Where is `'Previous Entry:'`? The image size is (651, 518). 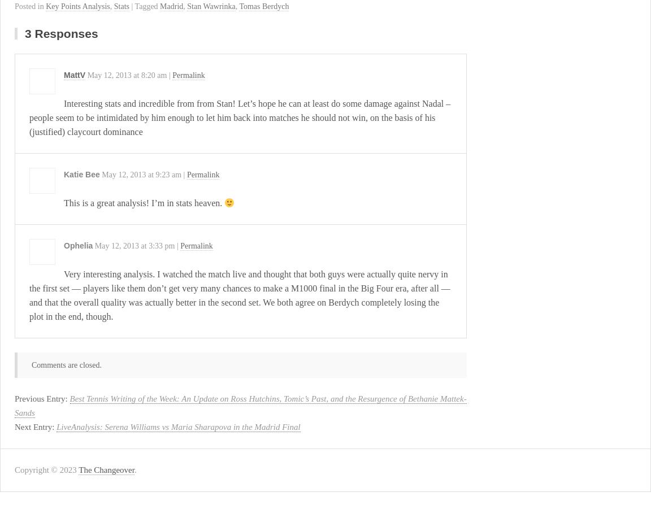
'Previous Entry:' is located at coordinates (41, 398).